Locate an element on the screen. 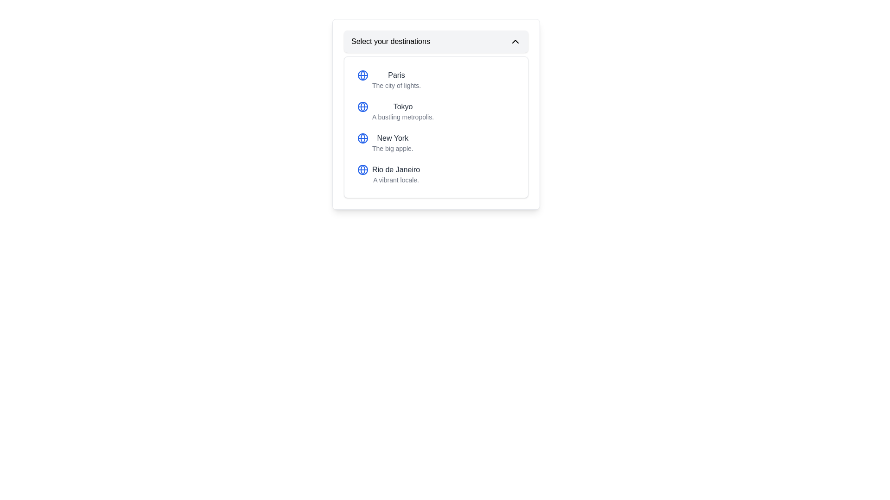 This screenshot has width=890, height=500. the static text label that displays 'The big apple.' positioned directly below the 'New York' label is located at coordinates (393, 148).